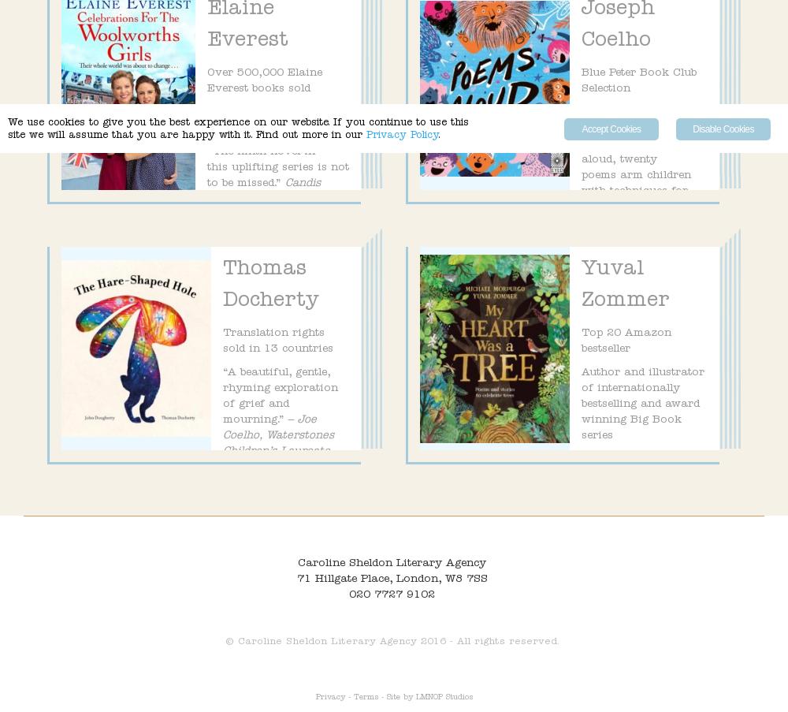 This screenshot has height=712, width=788. What do you see at coordinates (264, 81) in the screenshot?
I see `'Over 500,000 Elaine Everest books sold'` at bounding box center [264, 81].